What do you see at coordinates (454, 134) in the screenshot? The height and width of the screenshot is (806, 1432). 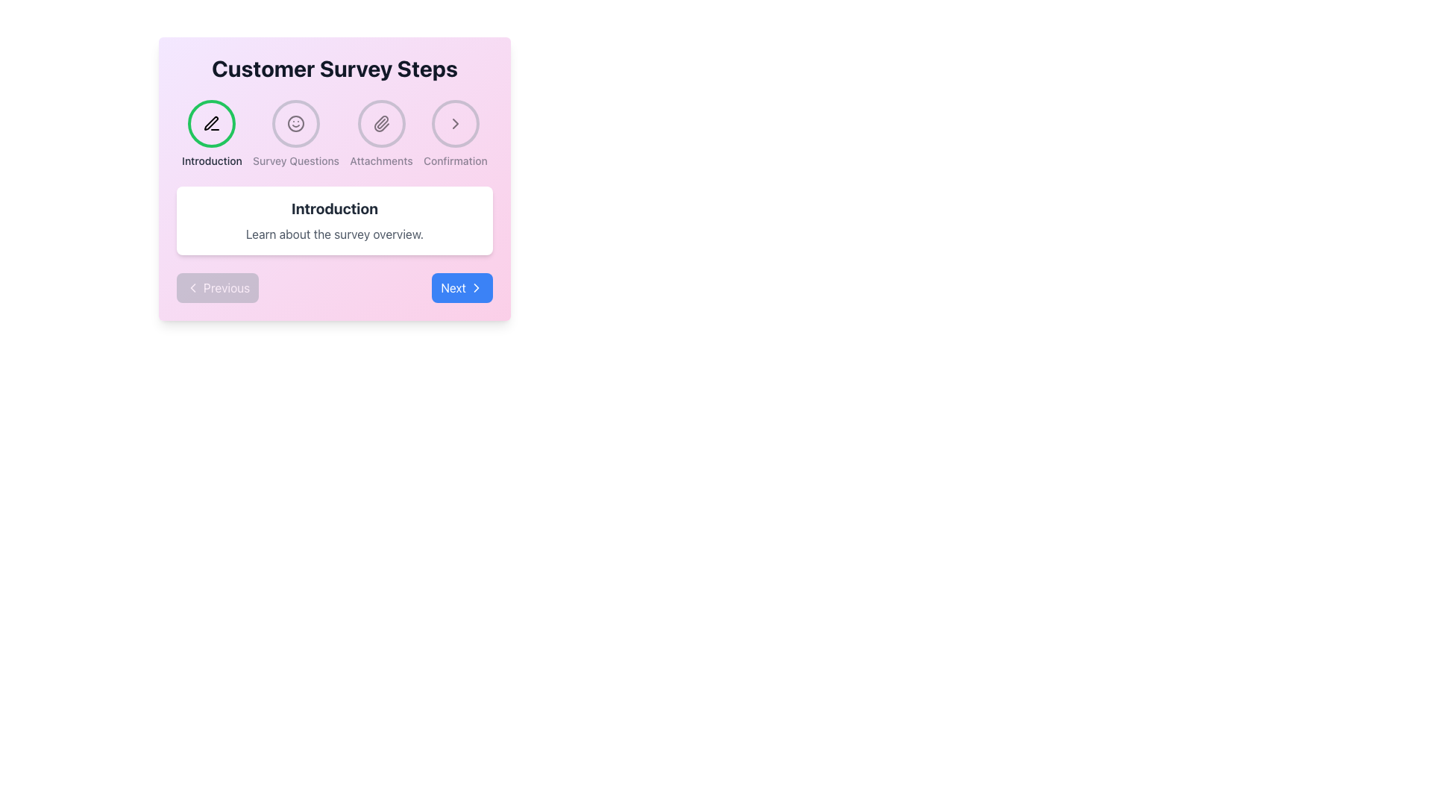 I see `the circular icon with a gray border containing a rightward arrow symbol labeled 'Confirmation', which is the fourth element in the navigational steps under 'Customer Survey Steps'` at bounding box center [454, 134].